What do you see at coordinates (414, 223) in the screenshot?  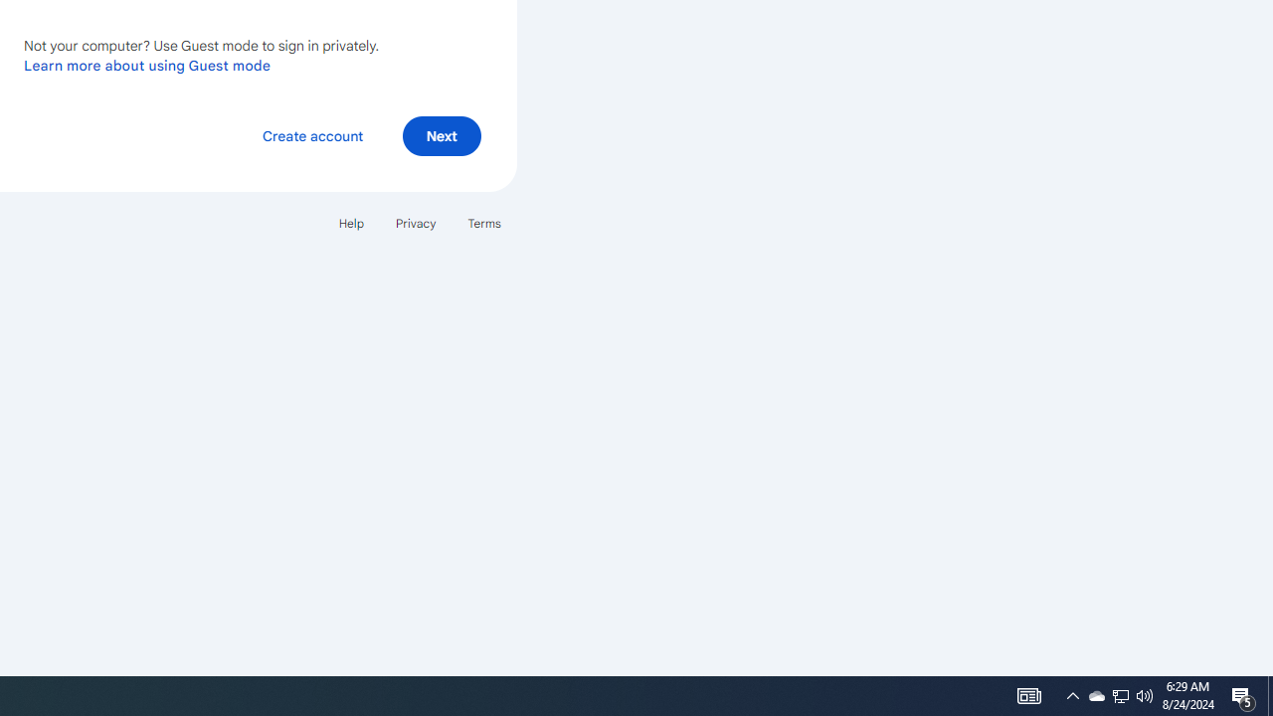 I see `'Privacy'` at bounding box center [414, 223].